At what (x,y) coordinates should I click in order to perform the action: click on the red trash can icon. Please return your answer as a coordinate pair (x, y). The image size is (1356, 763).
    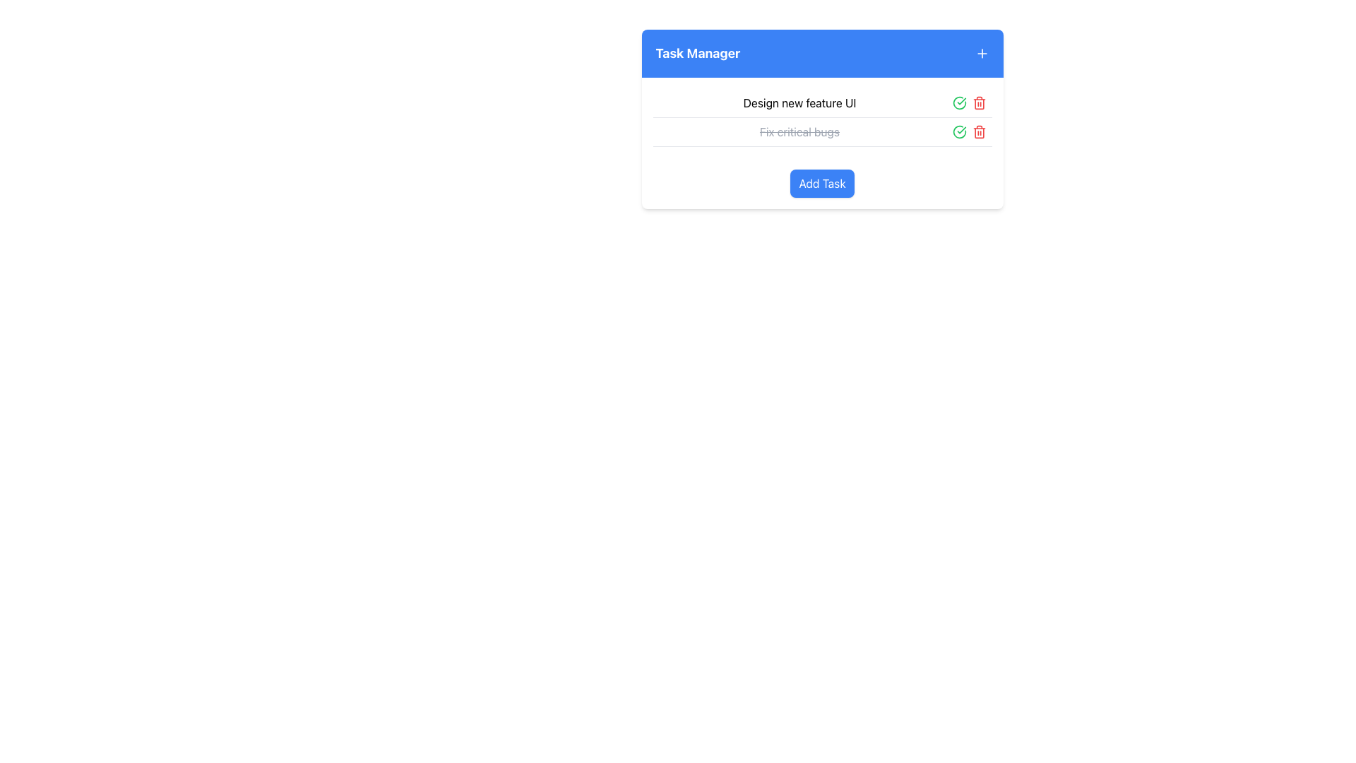
    Looking at the image, I should click on (978, 102).